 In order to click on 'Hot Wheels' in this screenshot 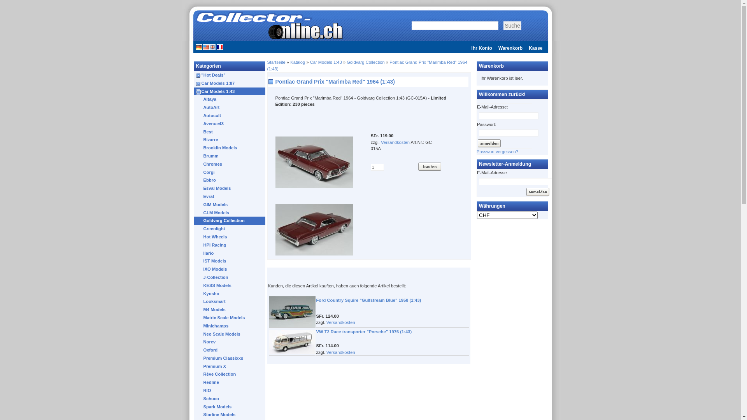, I will do `click(230, 236)`.